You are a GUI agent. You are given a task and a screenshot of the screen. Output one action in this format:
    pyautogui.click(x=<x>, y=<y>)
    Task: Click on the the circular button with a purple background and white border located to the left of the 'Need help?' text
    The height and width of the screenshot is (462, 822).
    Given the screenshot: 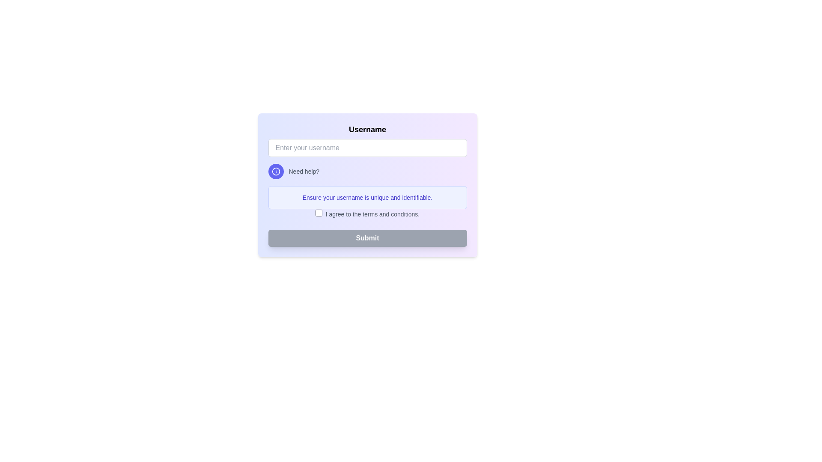 What is the action you would take?
    pyautogui.click(x=276, y=172)
    